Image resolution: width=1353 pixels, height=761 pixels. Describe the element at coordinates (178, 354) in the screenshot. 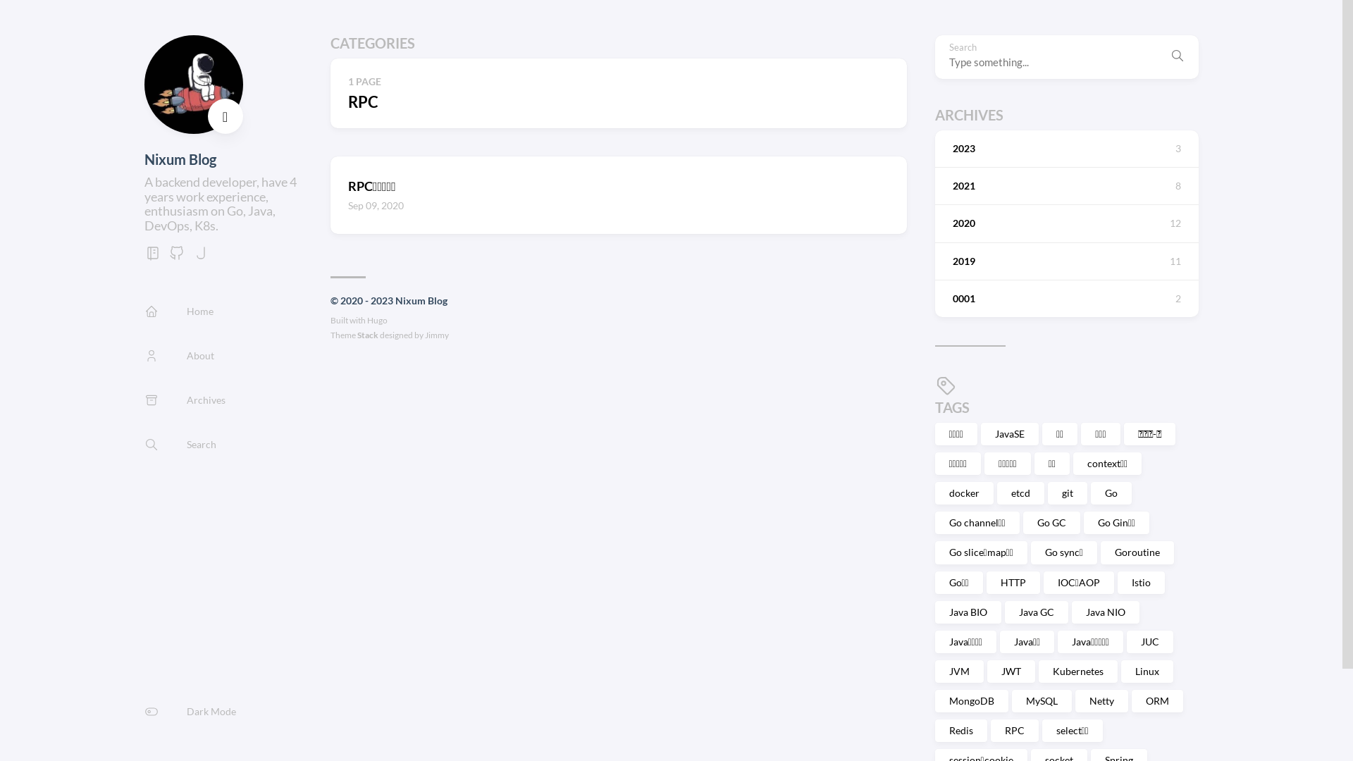

I see `'About'` at that location.